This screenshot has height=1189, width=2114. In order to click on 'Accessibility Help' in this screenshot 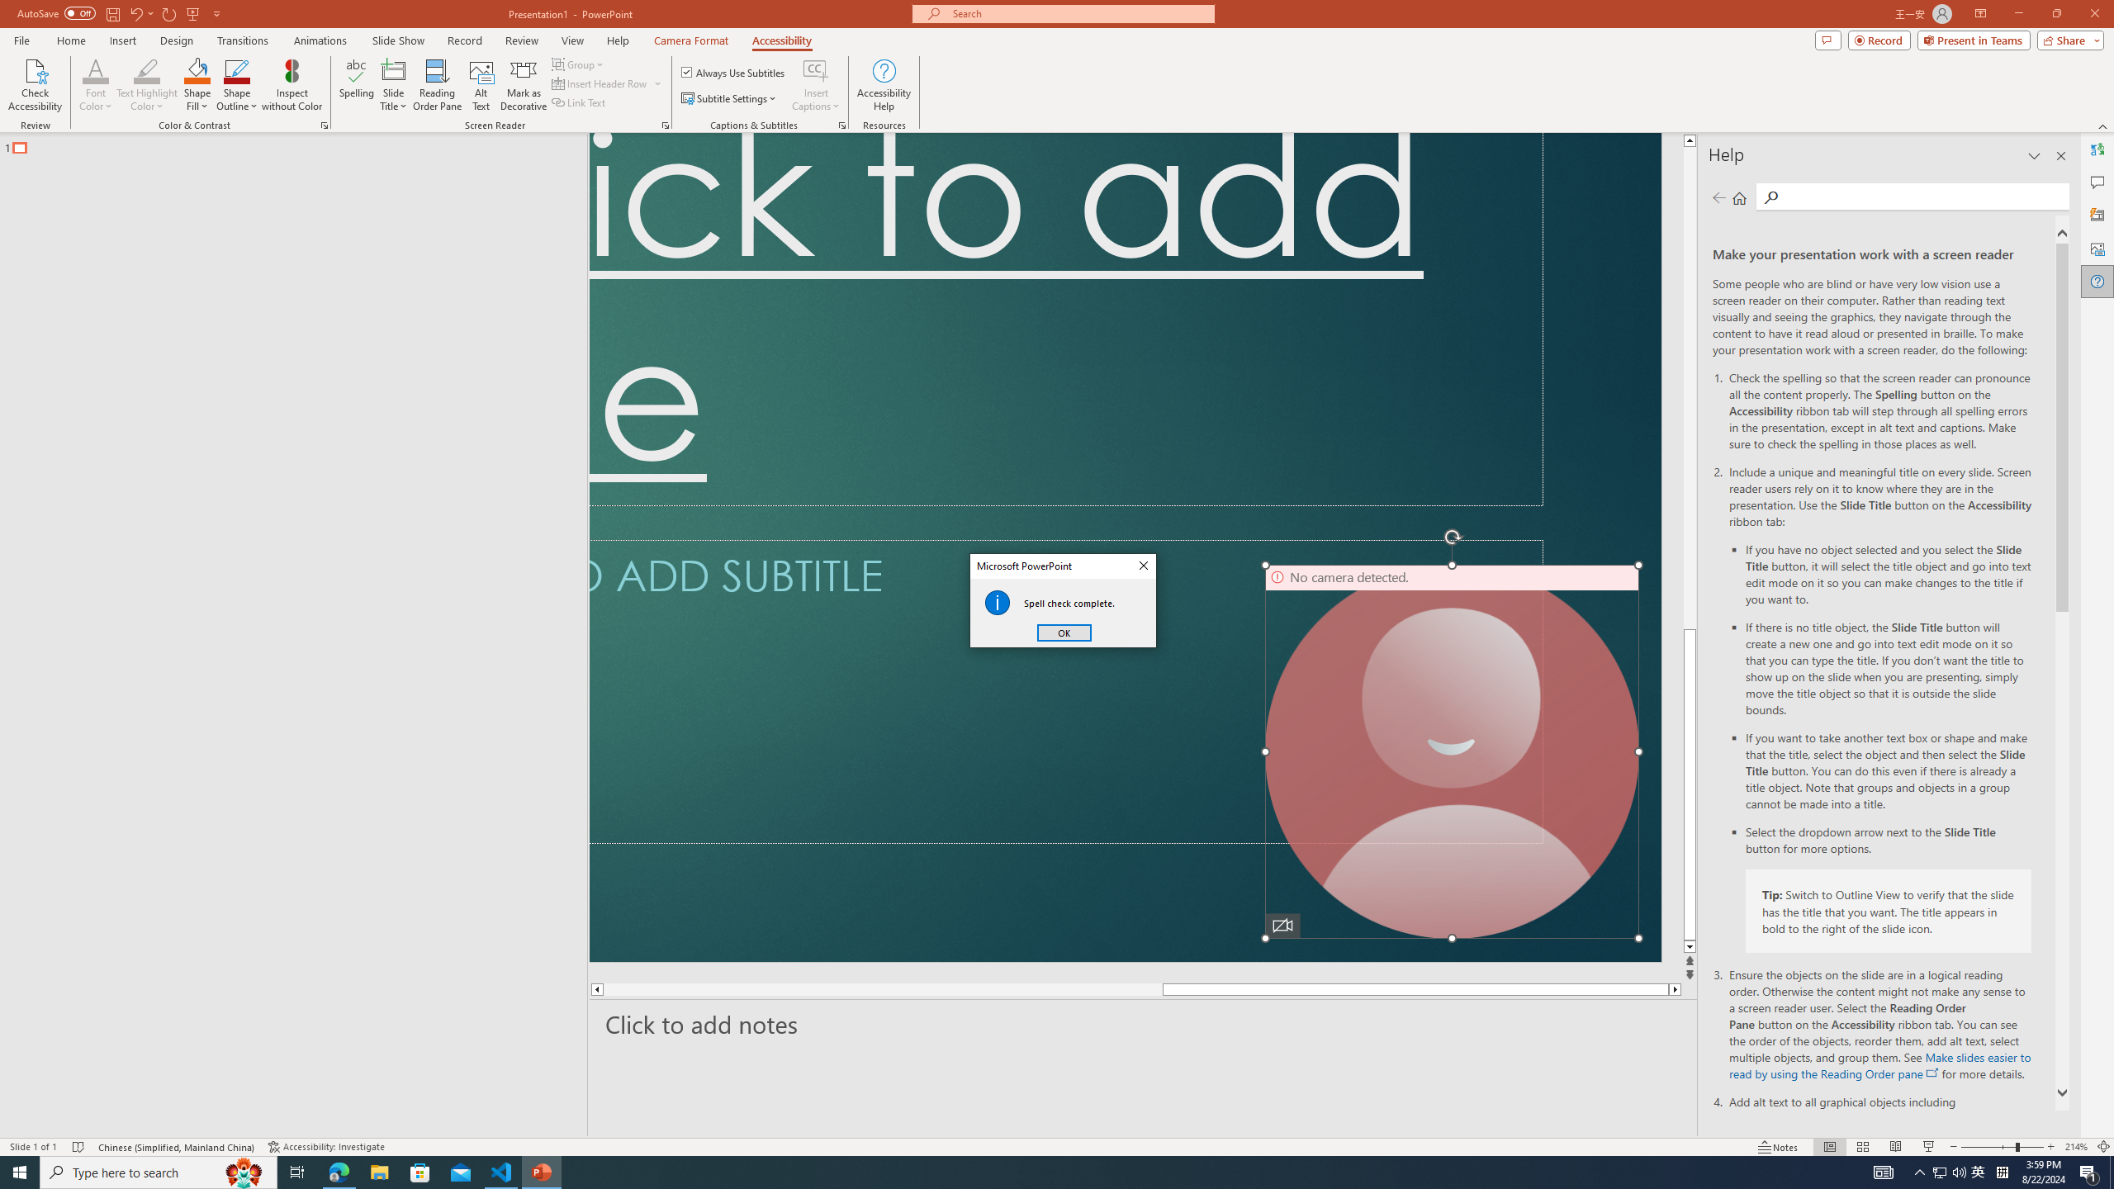, I will do `click(884, 85)`.